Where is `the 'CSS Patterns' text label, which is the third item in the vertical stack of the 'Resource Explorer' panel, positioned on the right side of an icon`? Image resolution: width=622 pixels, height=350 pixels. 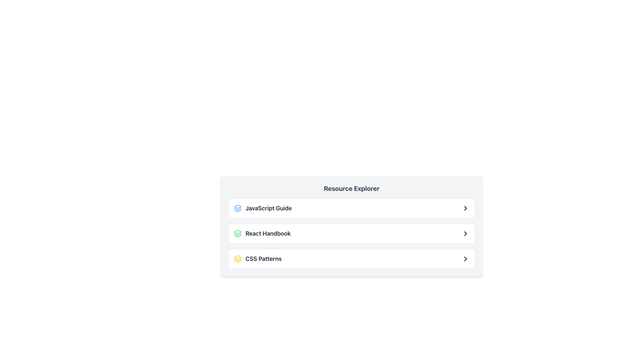 the 'CSS Patterns' text label, which is the third item in the vertical stack of the 'Resource Explorer' panel, positioned on the right side of an icon is located at coordinates (263, 258).